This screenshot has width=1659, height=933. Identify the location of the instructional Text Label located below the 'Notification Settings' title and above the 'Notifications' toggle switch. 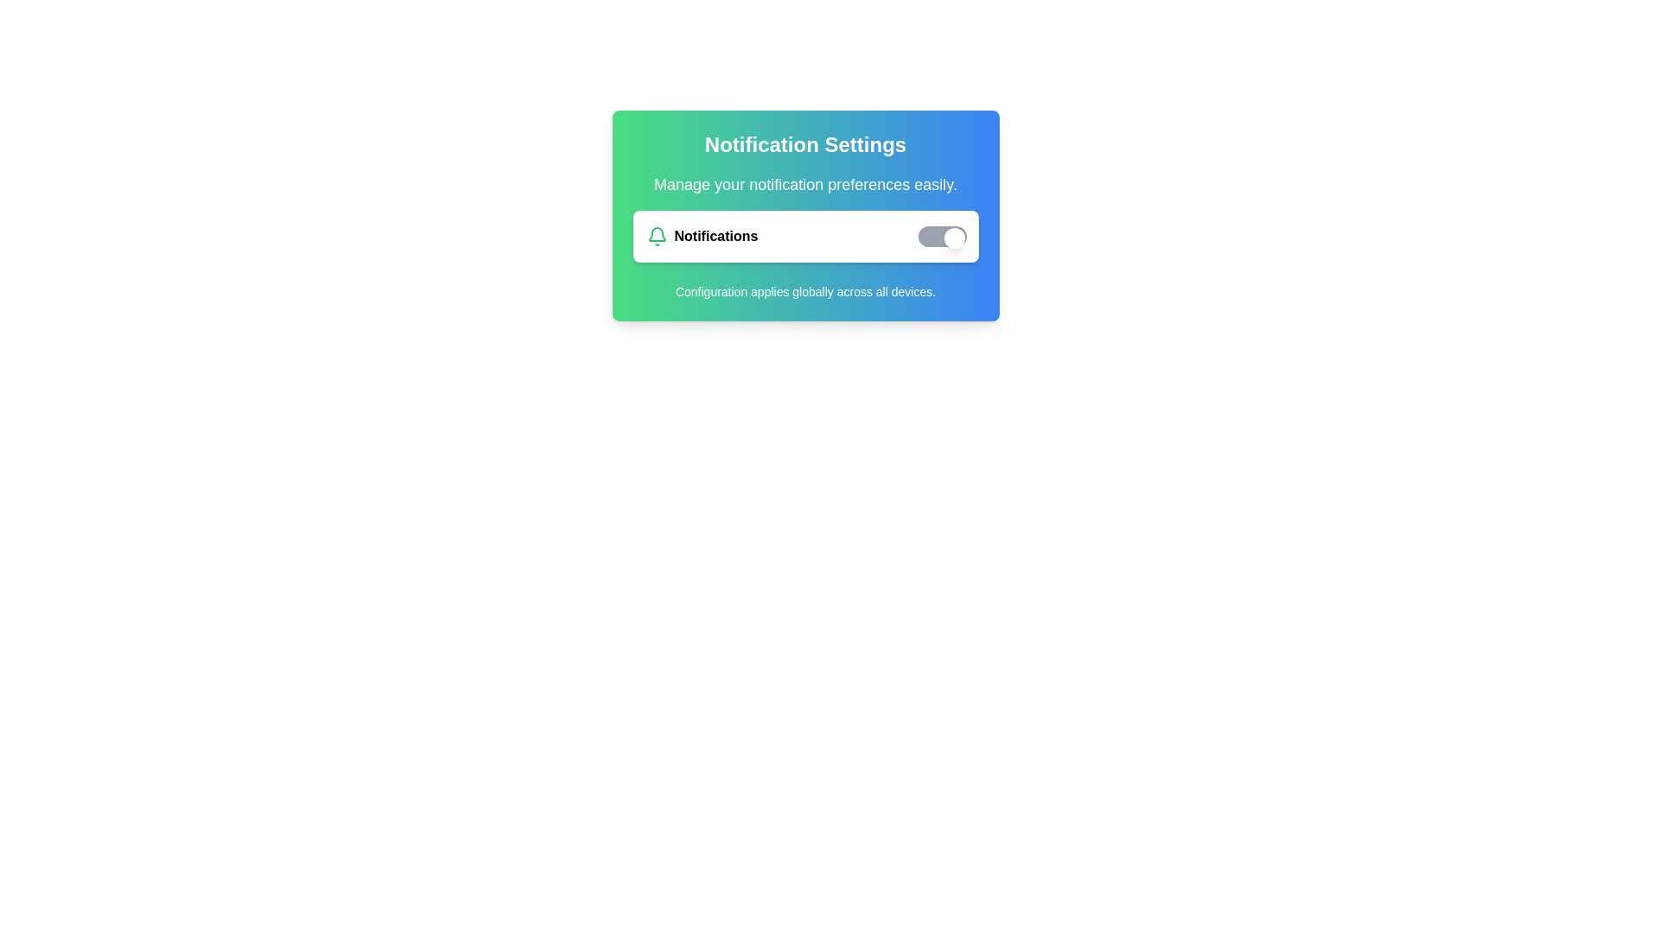
(804, 184).